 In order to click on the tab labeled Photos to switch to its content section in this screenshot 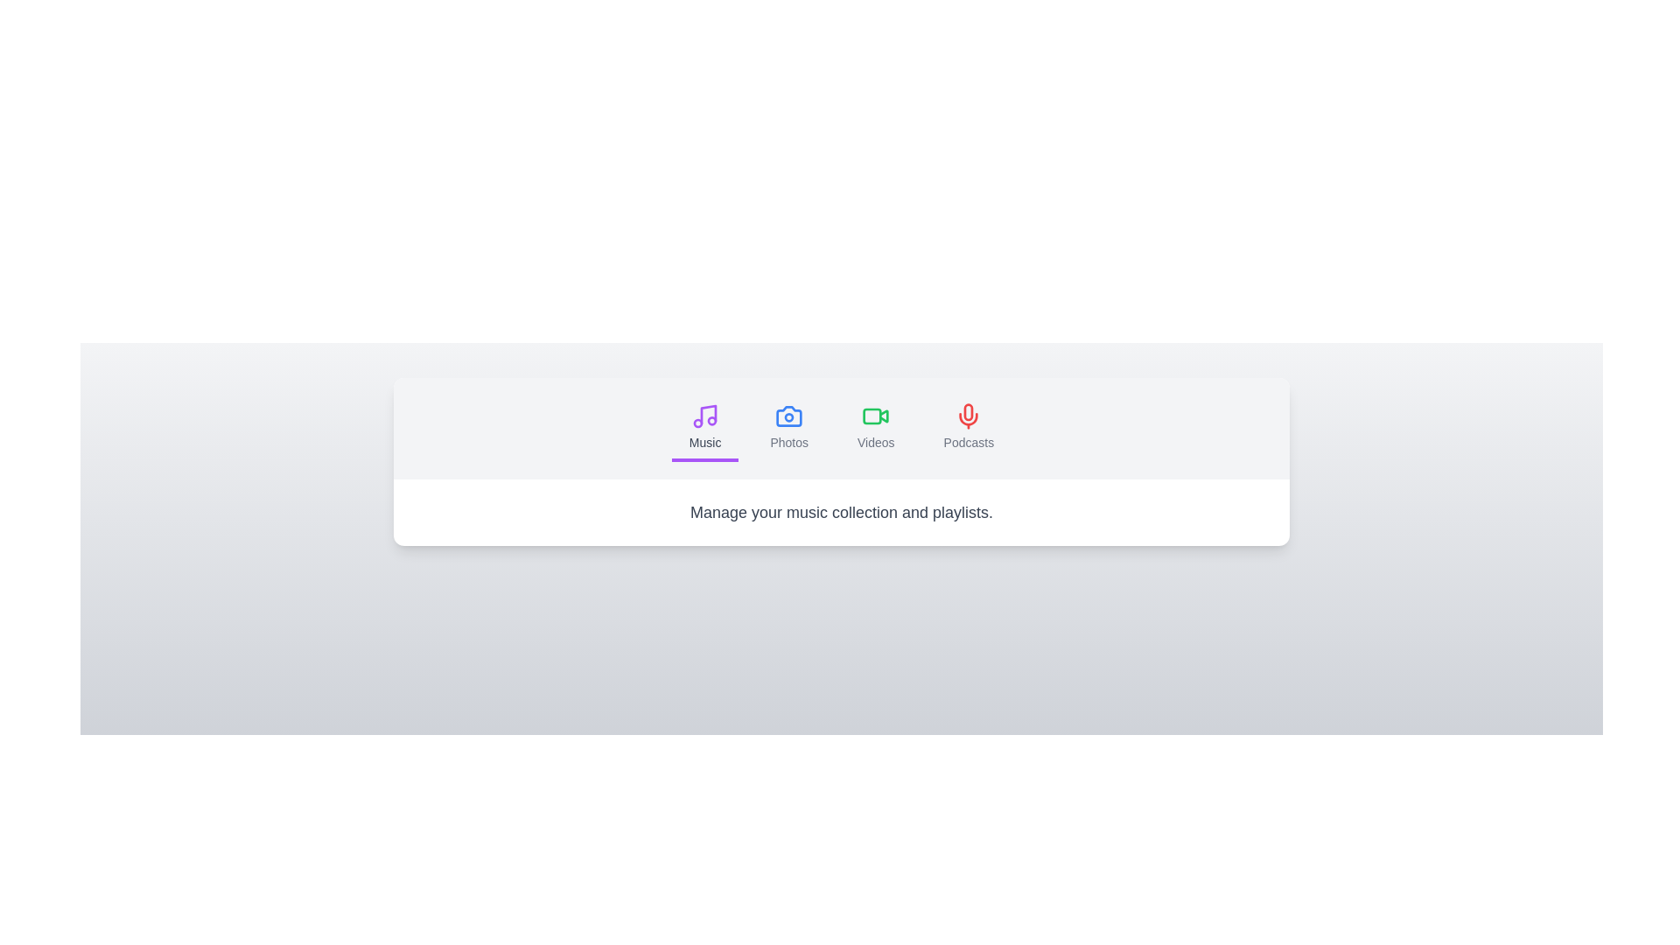, I will do `click(788, 428)`.